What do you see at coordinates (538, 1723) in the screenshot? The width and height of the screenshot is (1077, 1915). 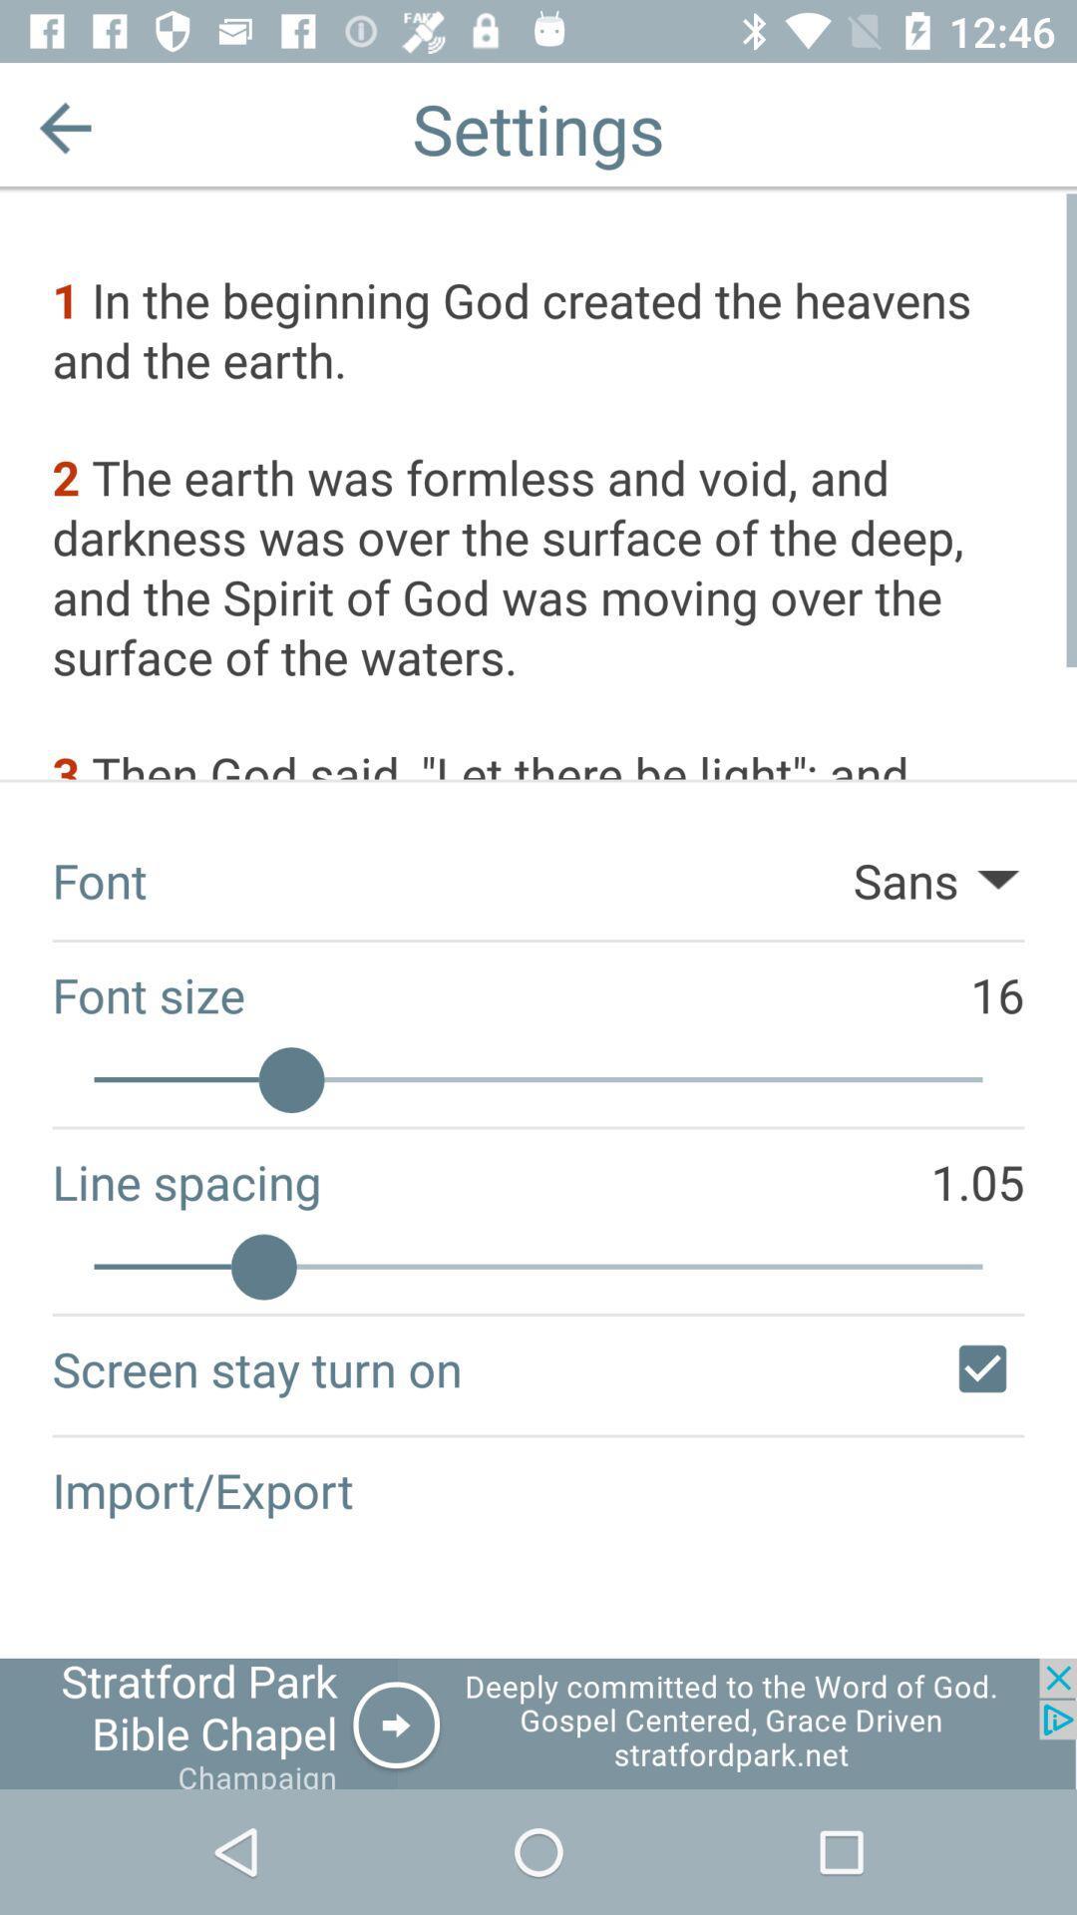 I see `advertise banner` at bounding box center [538, 1723].